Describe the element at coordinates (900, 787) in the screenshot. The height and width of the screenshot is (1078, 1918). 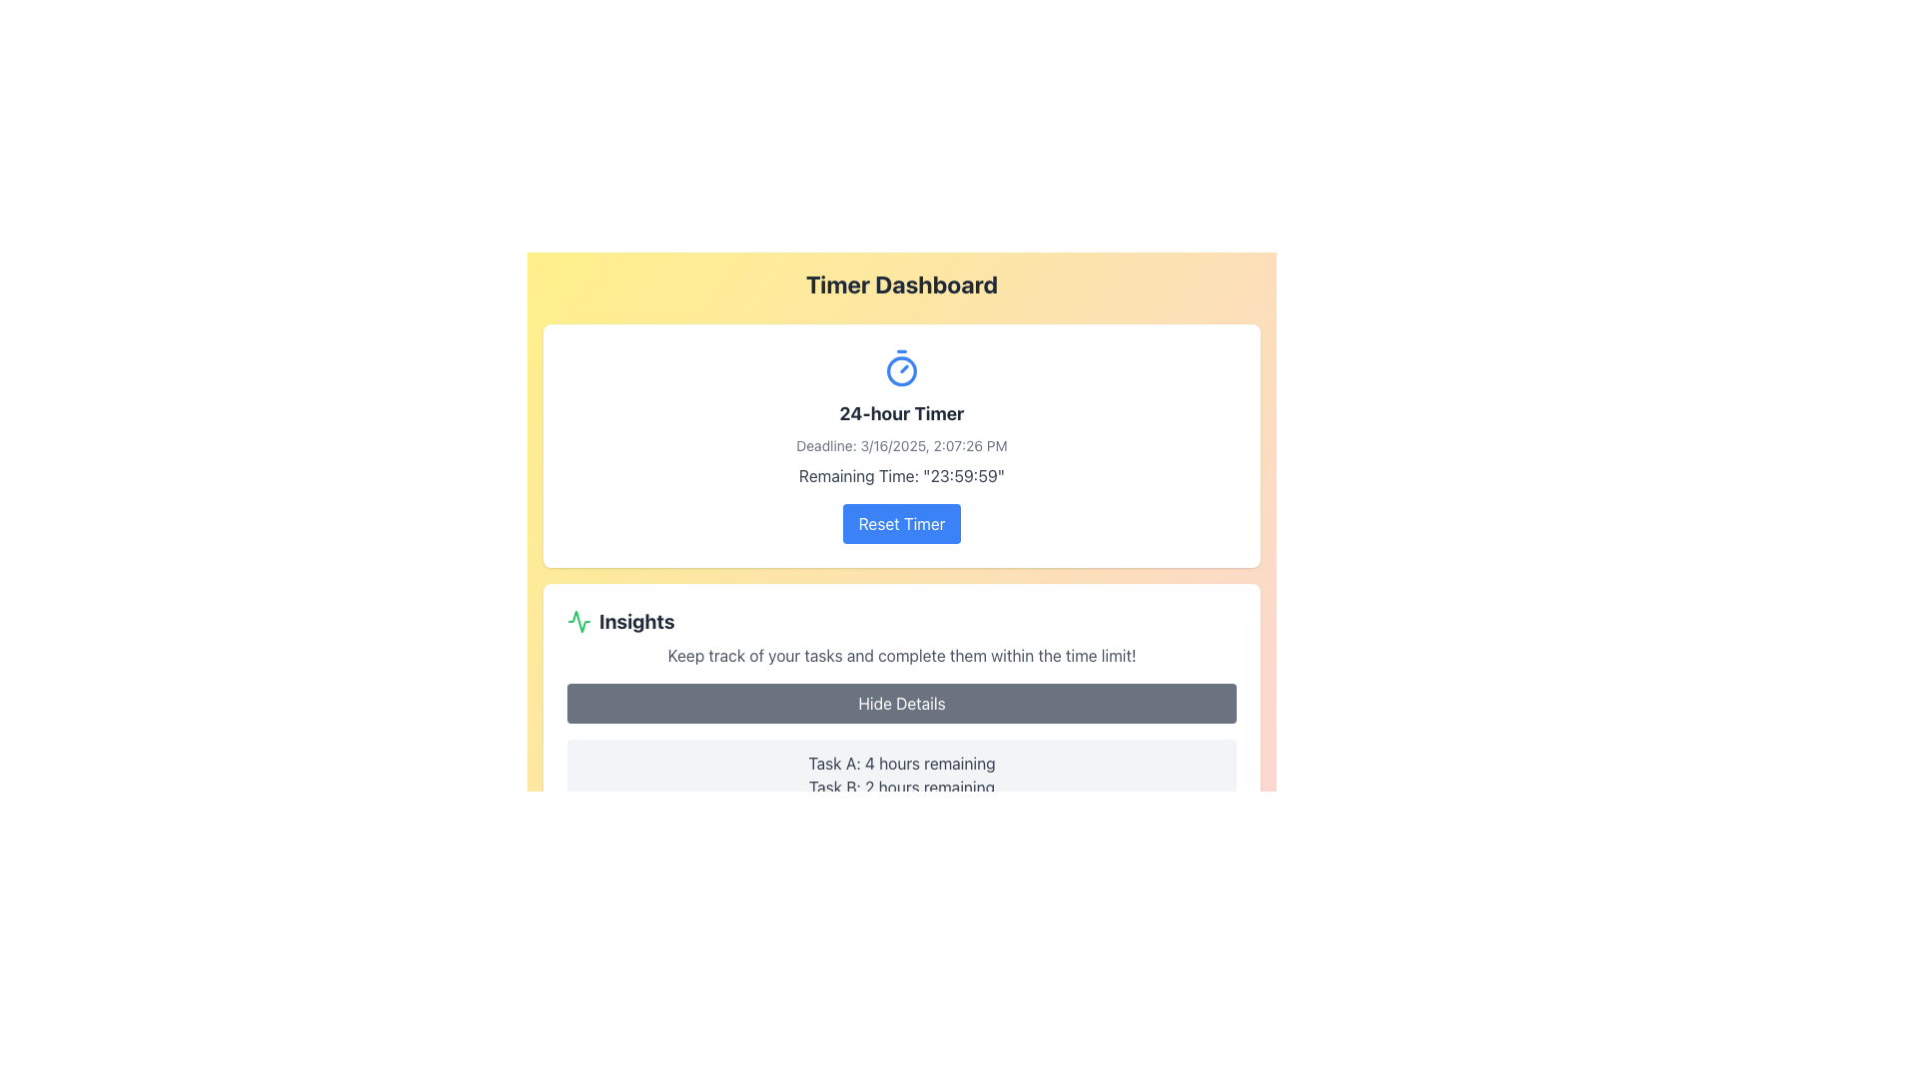
I see `the text display element showing 'Task B: 2 hours remaining' which is the second item in the 'Insights' section` at that location.